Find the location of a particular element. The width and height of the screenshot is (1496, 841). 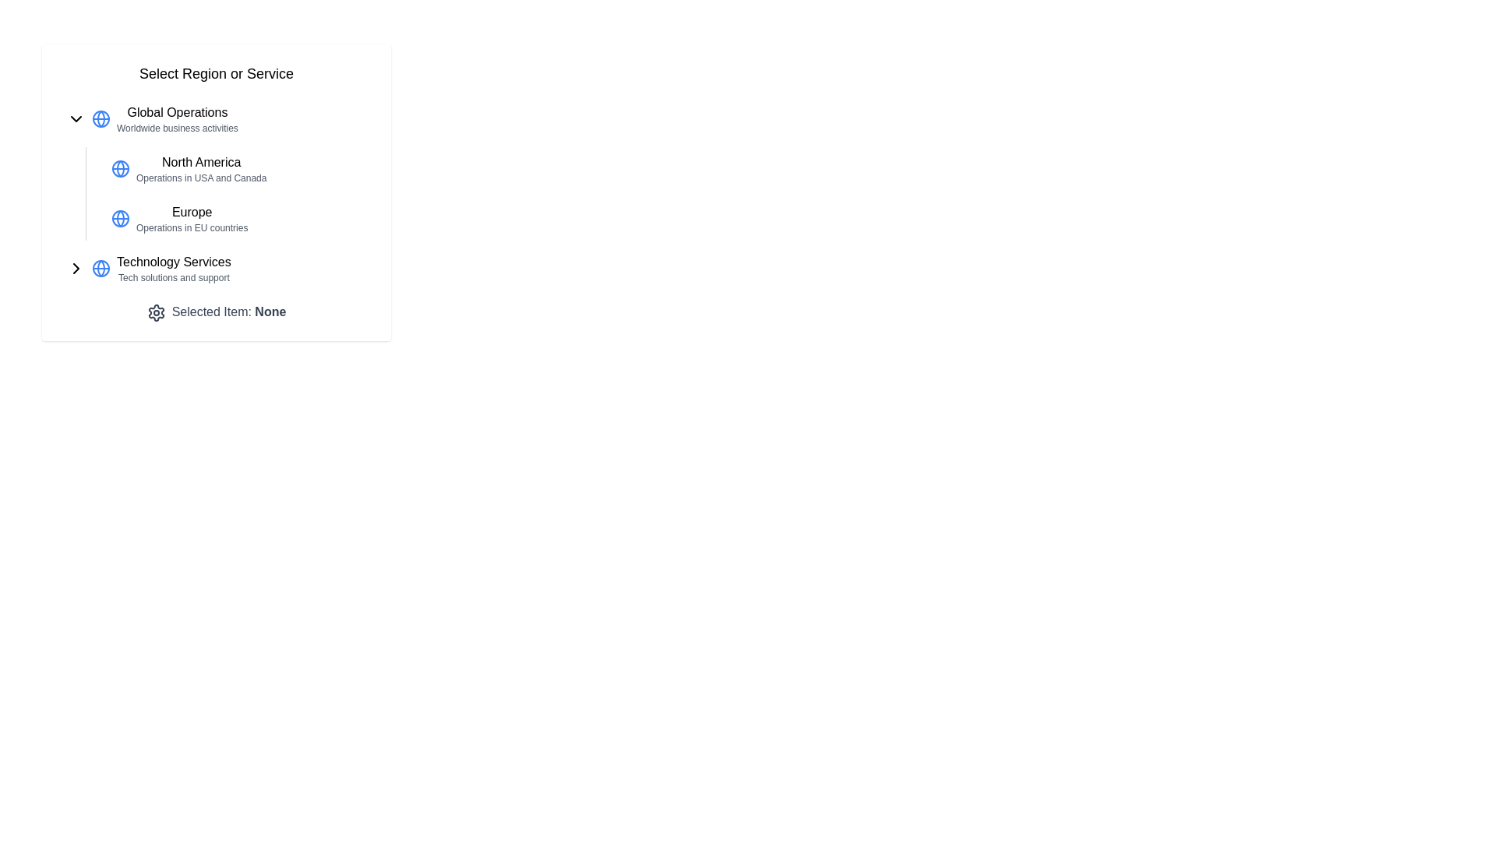

the globe icon representing international or technology-related themes, located to the left of the 'Technology Services' text is located at coordinates (100, 267).